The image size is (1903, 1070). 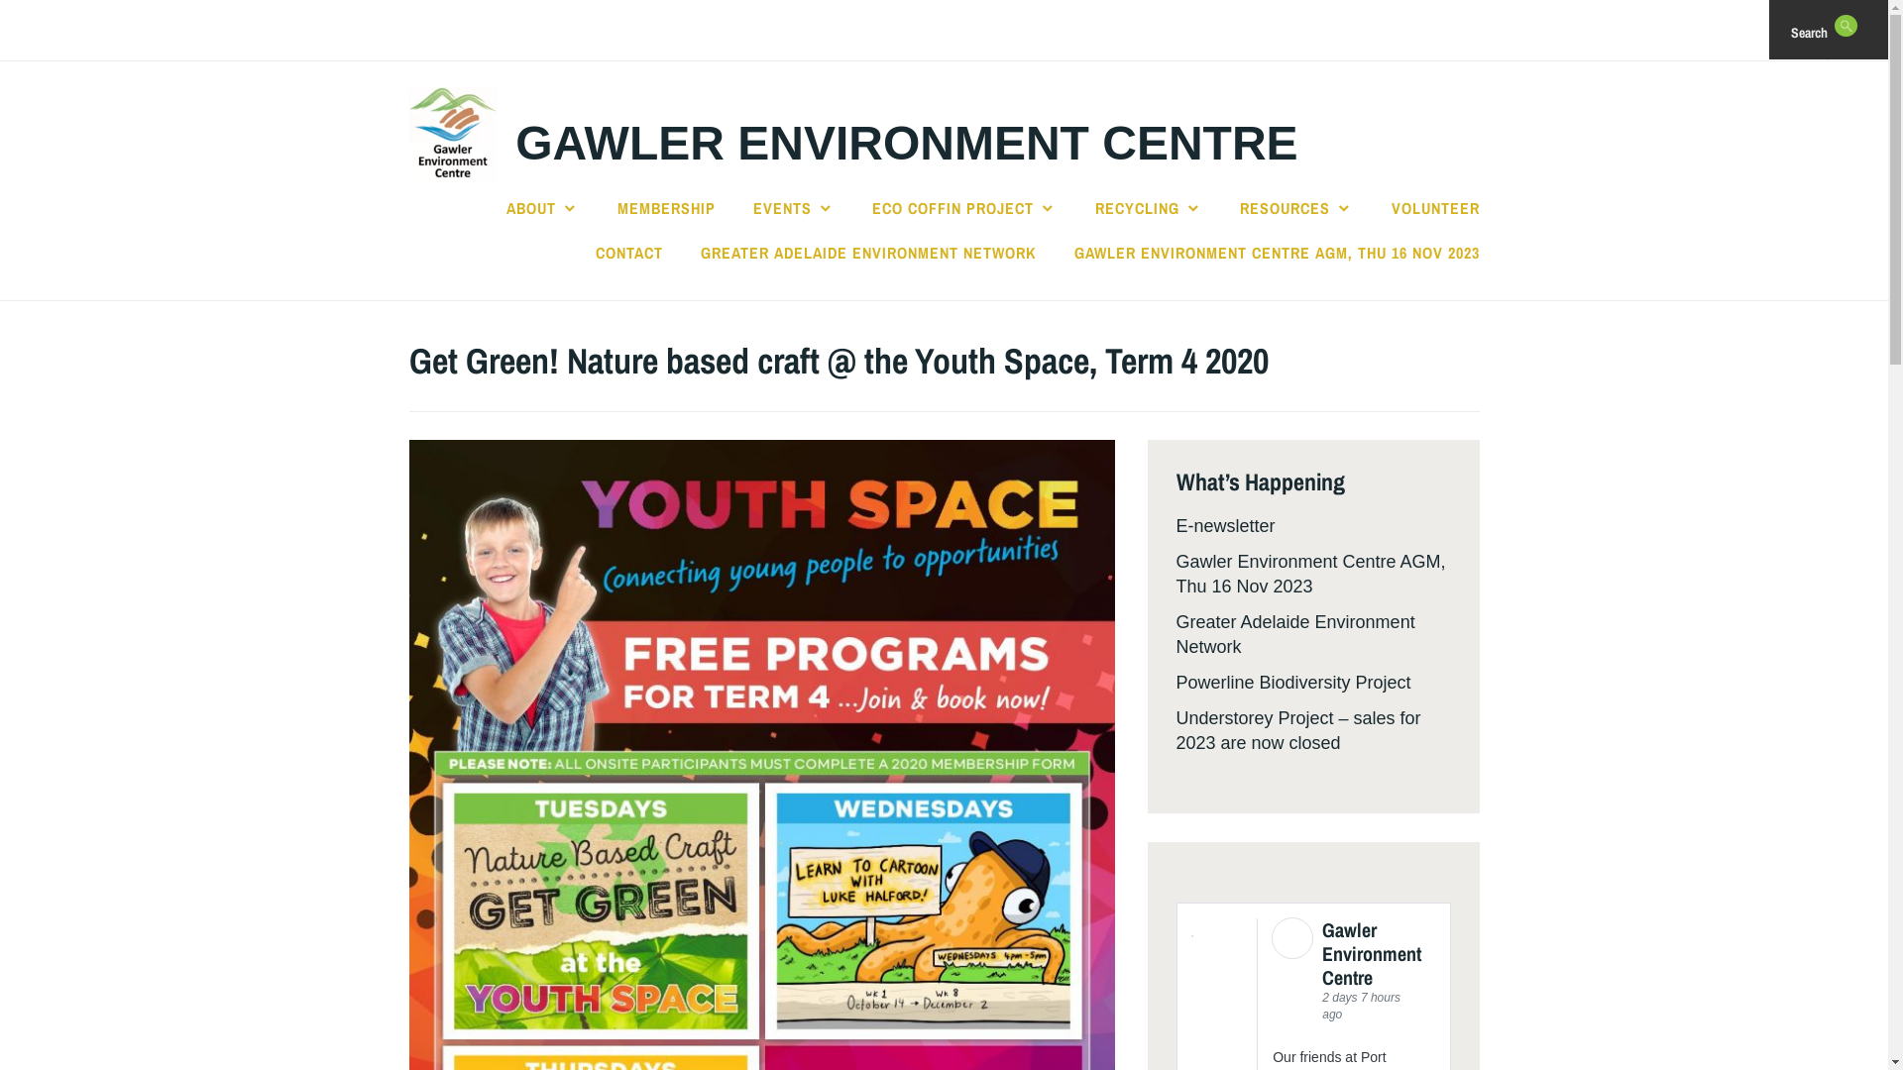 I want to click on 'Greater Adelaide Environment Network', so click(x=1294, y=634).